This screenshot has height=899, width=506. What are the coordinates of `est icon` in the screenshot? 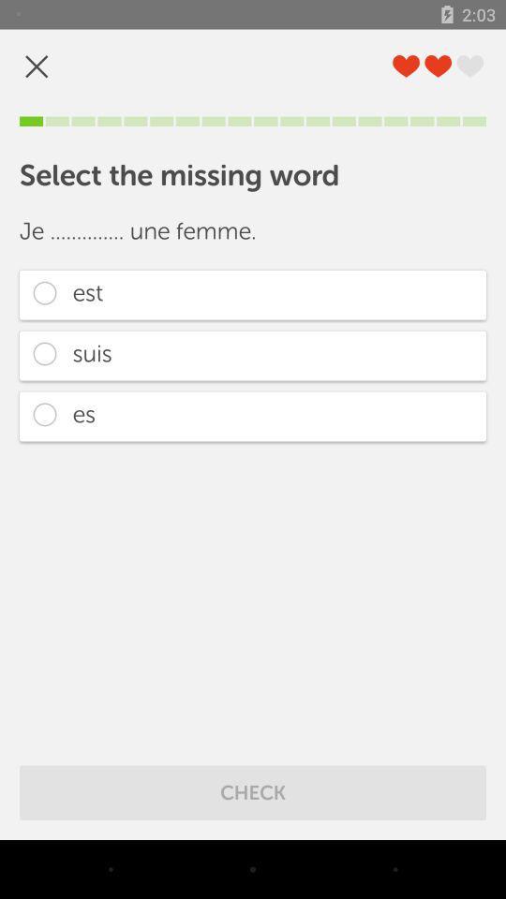 It's located at (253, 295).